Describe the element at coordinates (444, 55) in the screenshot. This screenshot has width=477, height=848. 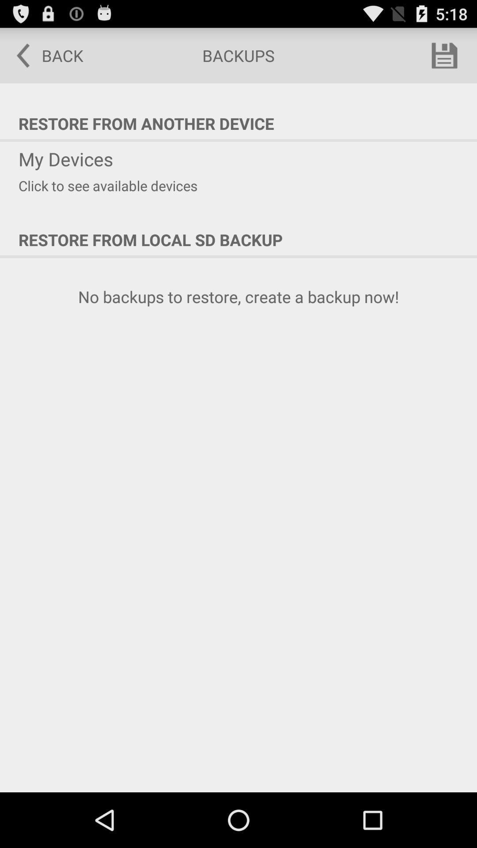
I see `app next to the backups item` at that location.